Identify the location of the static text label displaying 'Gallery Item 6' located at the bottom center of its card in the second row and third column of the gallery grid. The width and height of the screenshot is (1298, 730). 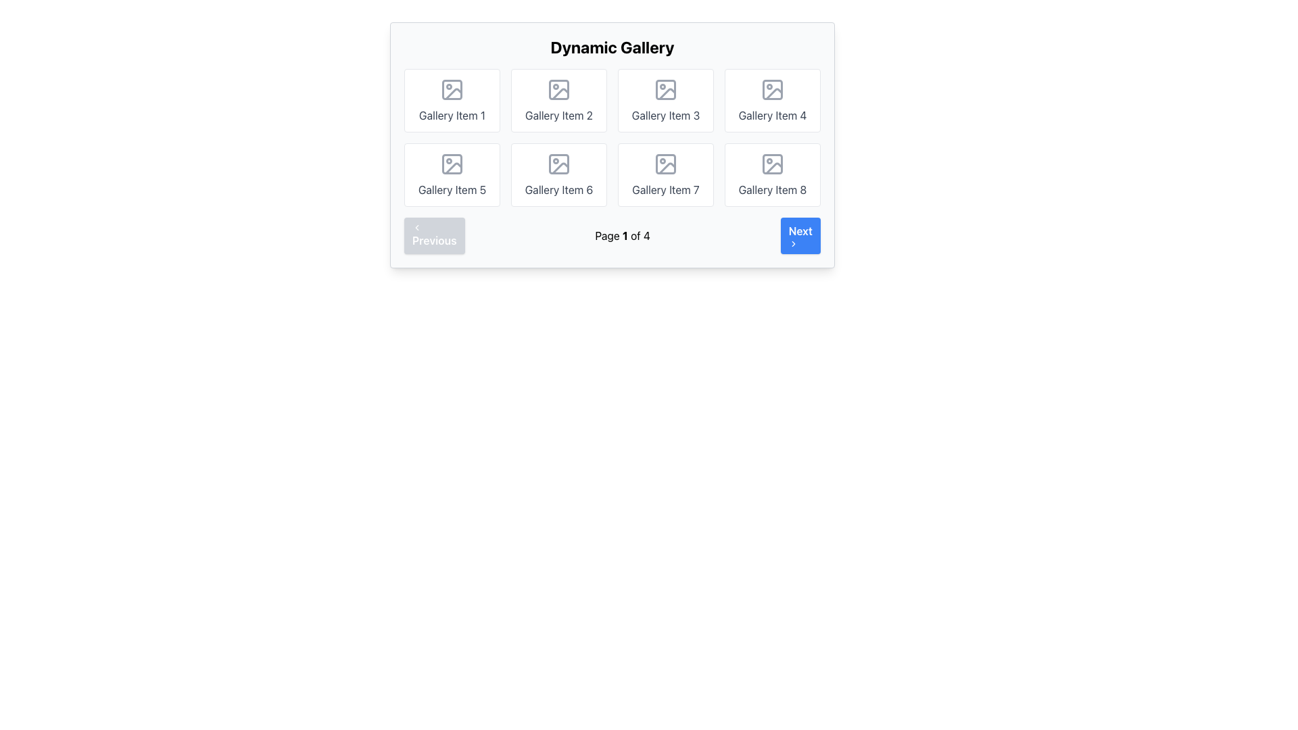
(558, 190).